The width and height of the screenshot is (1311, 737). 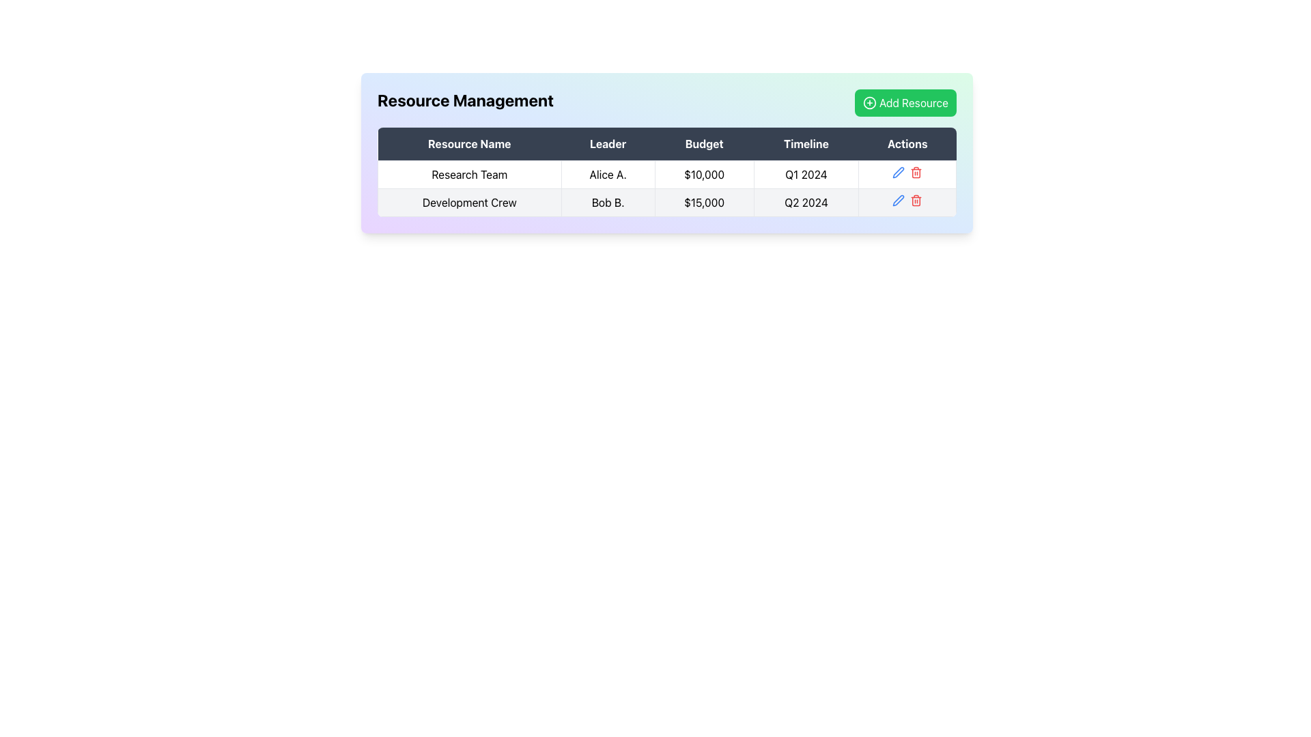 What do you see at coordinates (607, 203) in the screenshot?
I see `the Text Label displaying 'Bob B.' in the second column of the table, which has a light grey background and is centrally aligned` at bounding box center [607, 203].